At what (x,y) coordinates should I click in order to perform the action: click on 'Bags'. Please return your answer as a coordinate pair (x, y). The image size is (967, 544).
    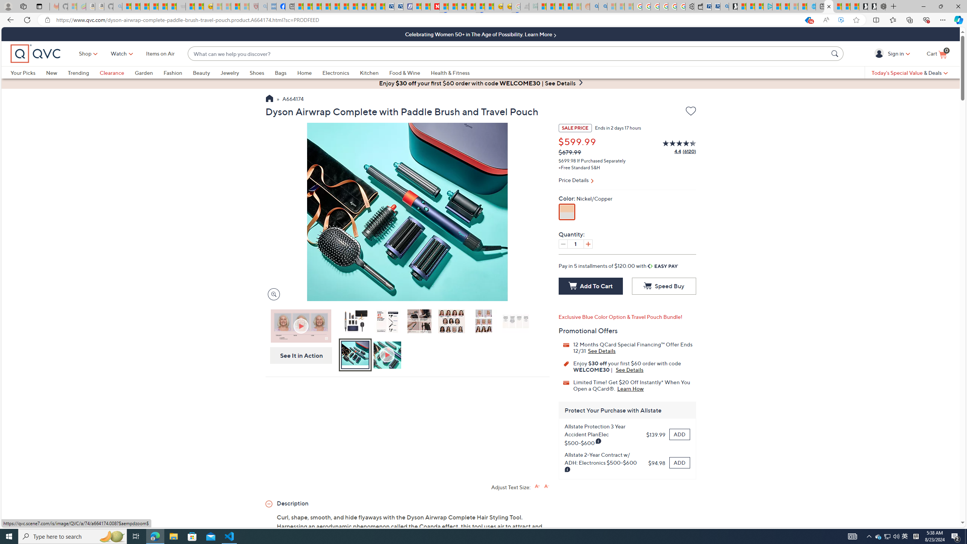
    Looking at the image, I should click on (280, 72).